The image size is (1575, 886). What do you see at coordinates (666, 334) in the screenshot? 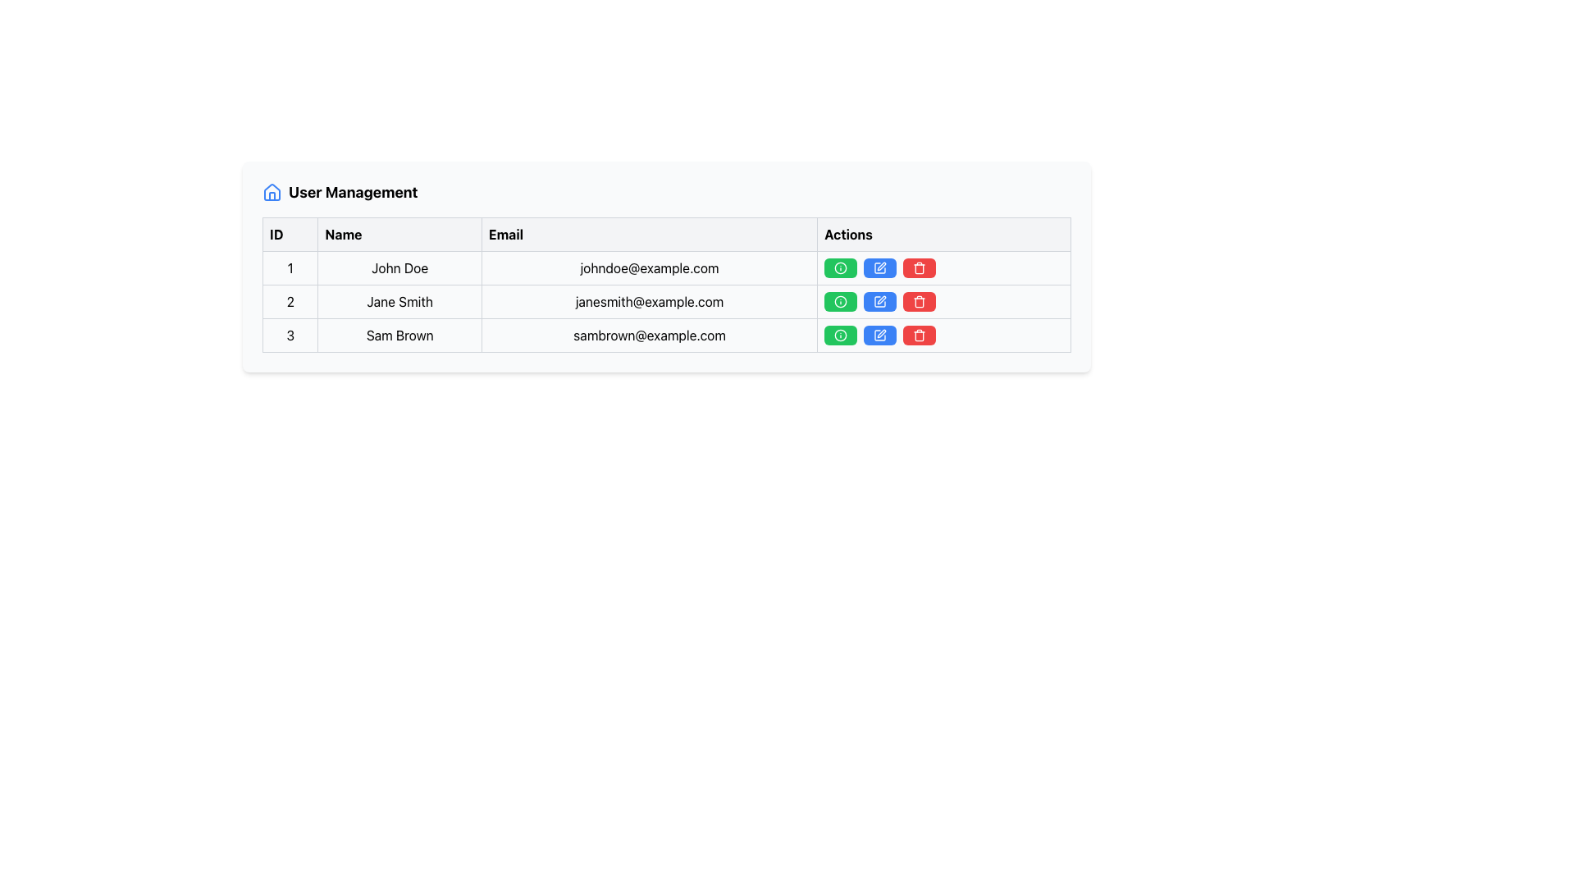
I see `the third row in the User Management table that contains user information, positioned below 'John Doe' and 'Jane Smith'` at bounding box center [666, 334].